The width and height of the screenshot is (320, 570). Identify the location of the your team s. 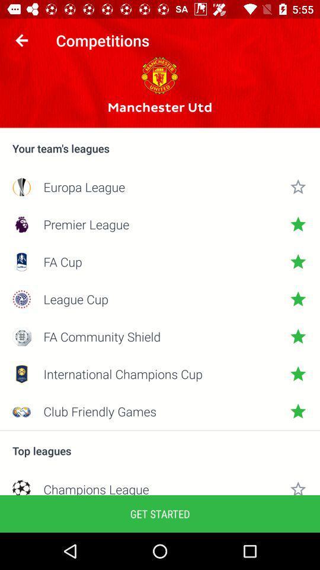
(160, 148).